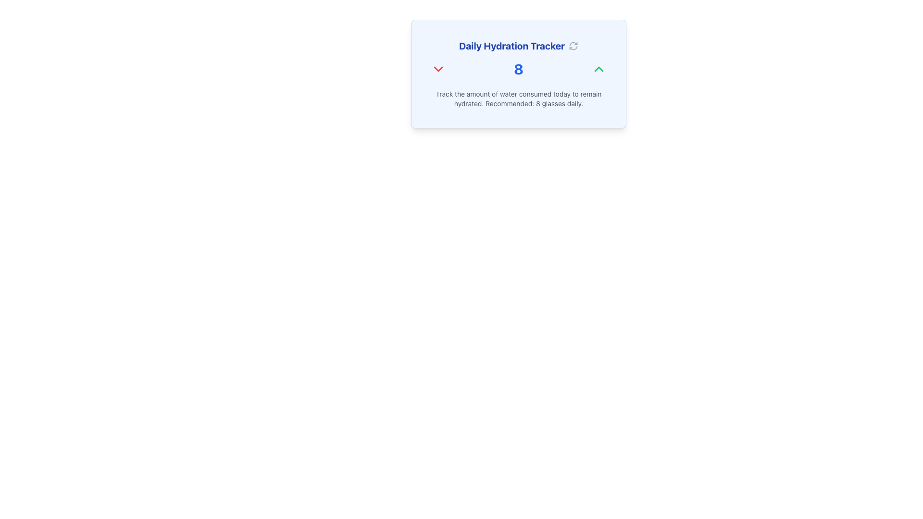 Image resolution: width=923 pixels, height=519 pixels. I want to click on the Informational Text located at the bottom of the 'Daily Hydration Tracker' card, providing guidance on daily water intake, so click(518, 99).